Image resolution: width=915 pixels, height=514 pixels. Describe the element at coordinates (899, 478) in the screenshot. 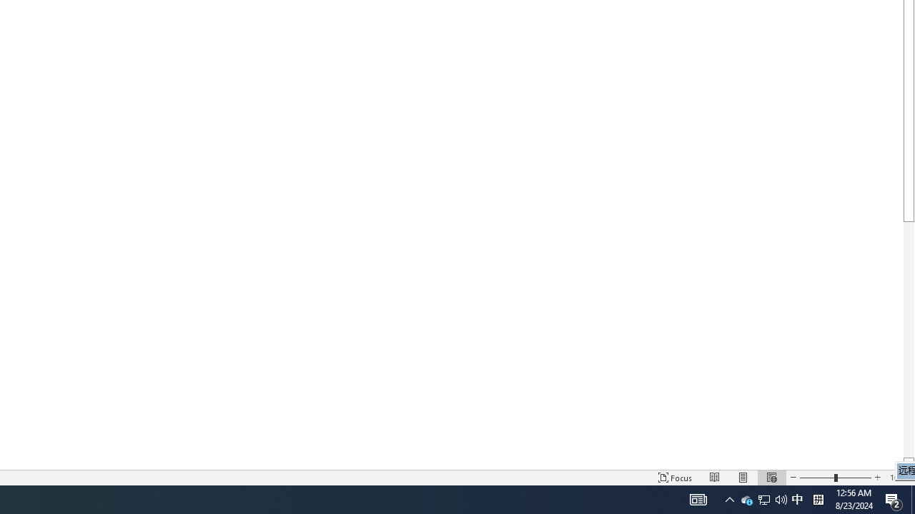

I see `'Zoom 100%'` at that location.